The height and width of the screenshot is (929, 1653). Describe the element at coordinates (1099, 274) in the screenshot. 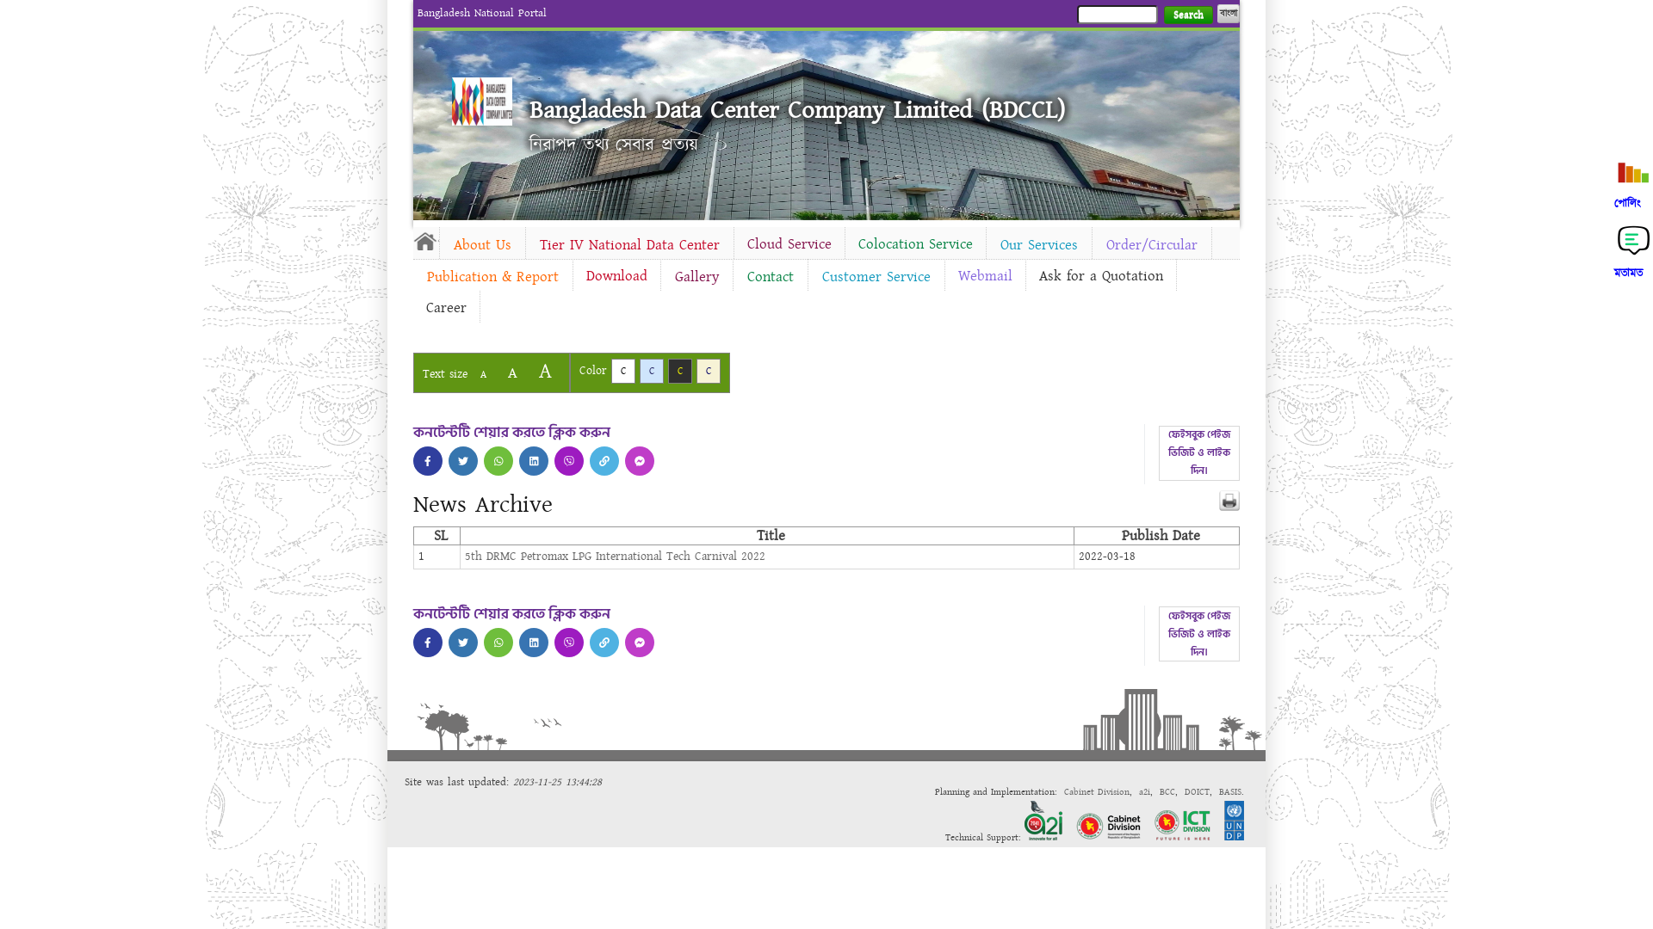

I see `'Ask for a Quotation'` at that location.